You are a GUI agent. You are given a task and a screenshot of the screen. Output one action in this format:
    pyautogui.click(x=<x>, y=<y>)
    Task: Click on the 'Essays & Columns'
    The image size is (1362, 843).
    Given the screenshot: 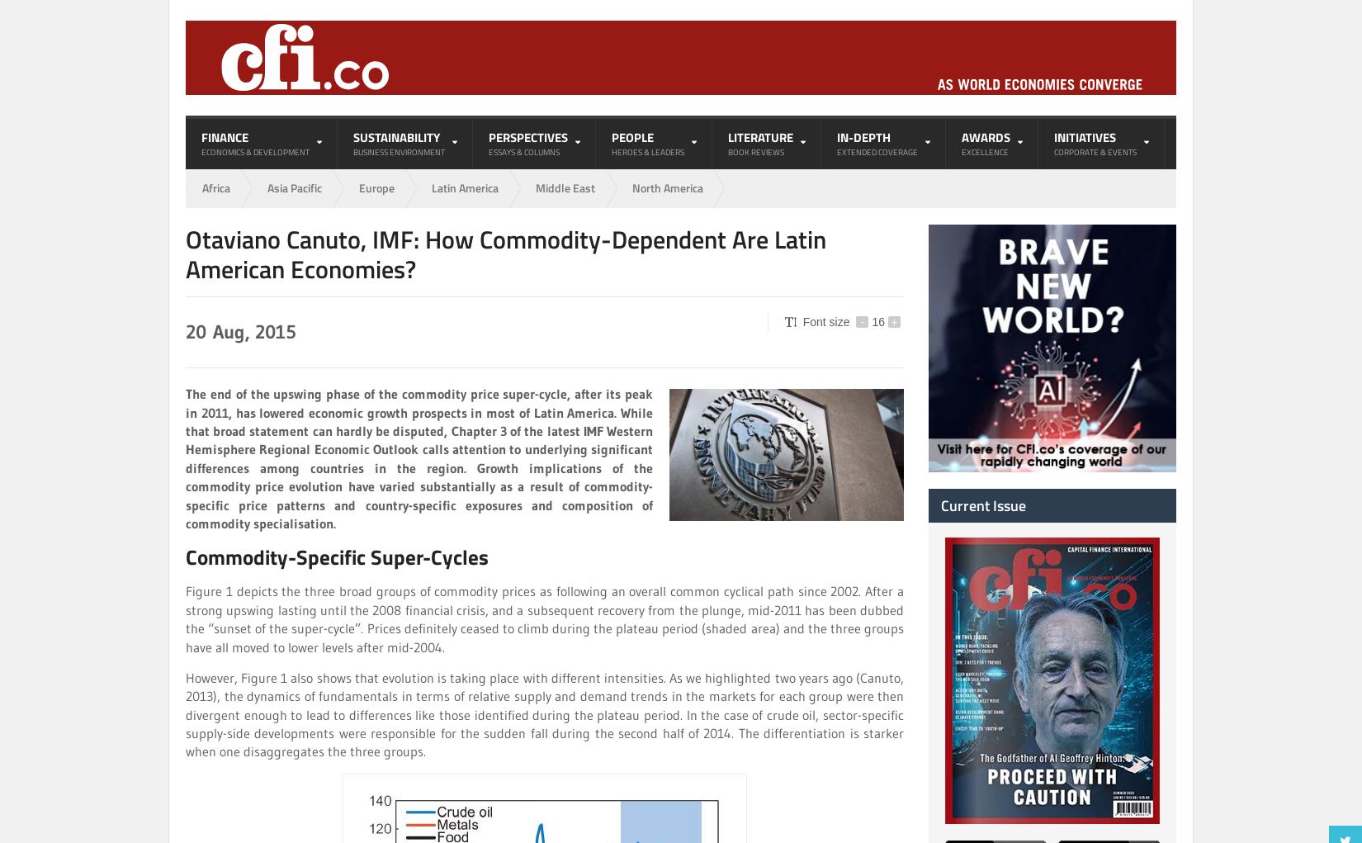 What is the action you would take?
    pyautogui.click(x=488, y=150)
    